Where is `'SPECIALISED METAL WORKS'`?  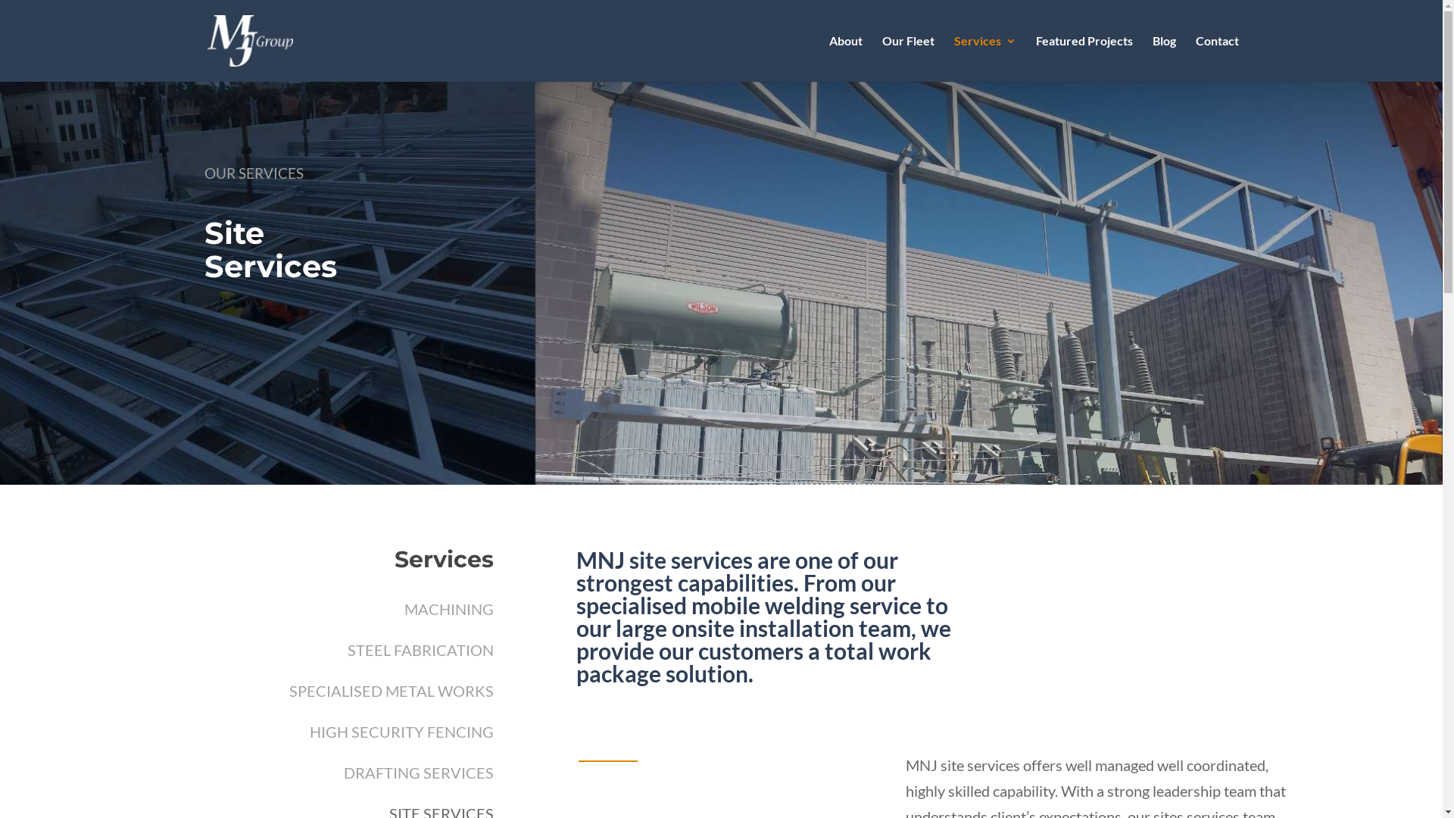
'SPECIALISED METAL WORKS' is located at coordinates (392, 690).